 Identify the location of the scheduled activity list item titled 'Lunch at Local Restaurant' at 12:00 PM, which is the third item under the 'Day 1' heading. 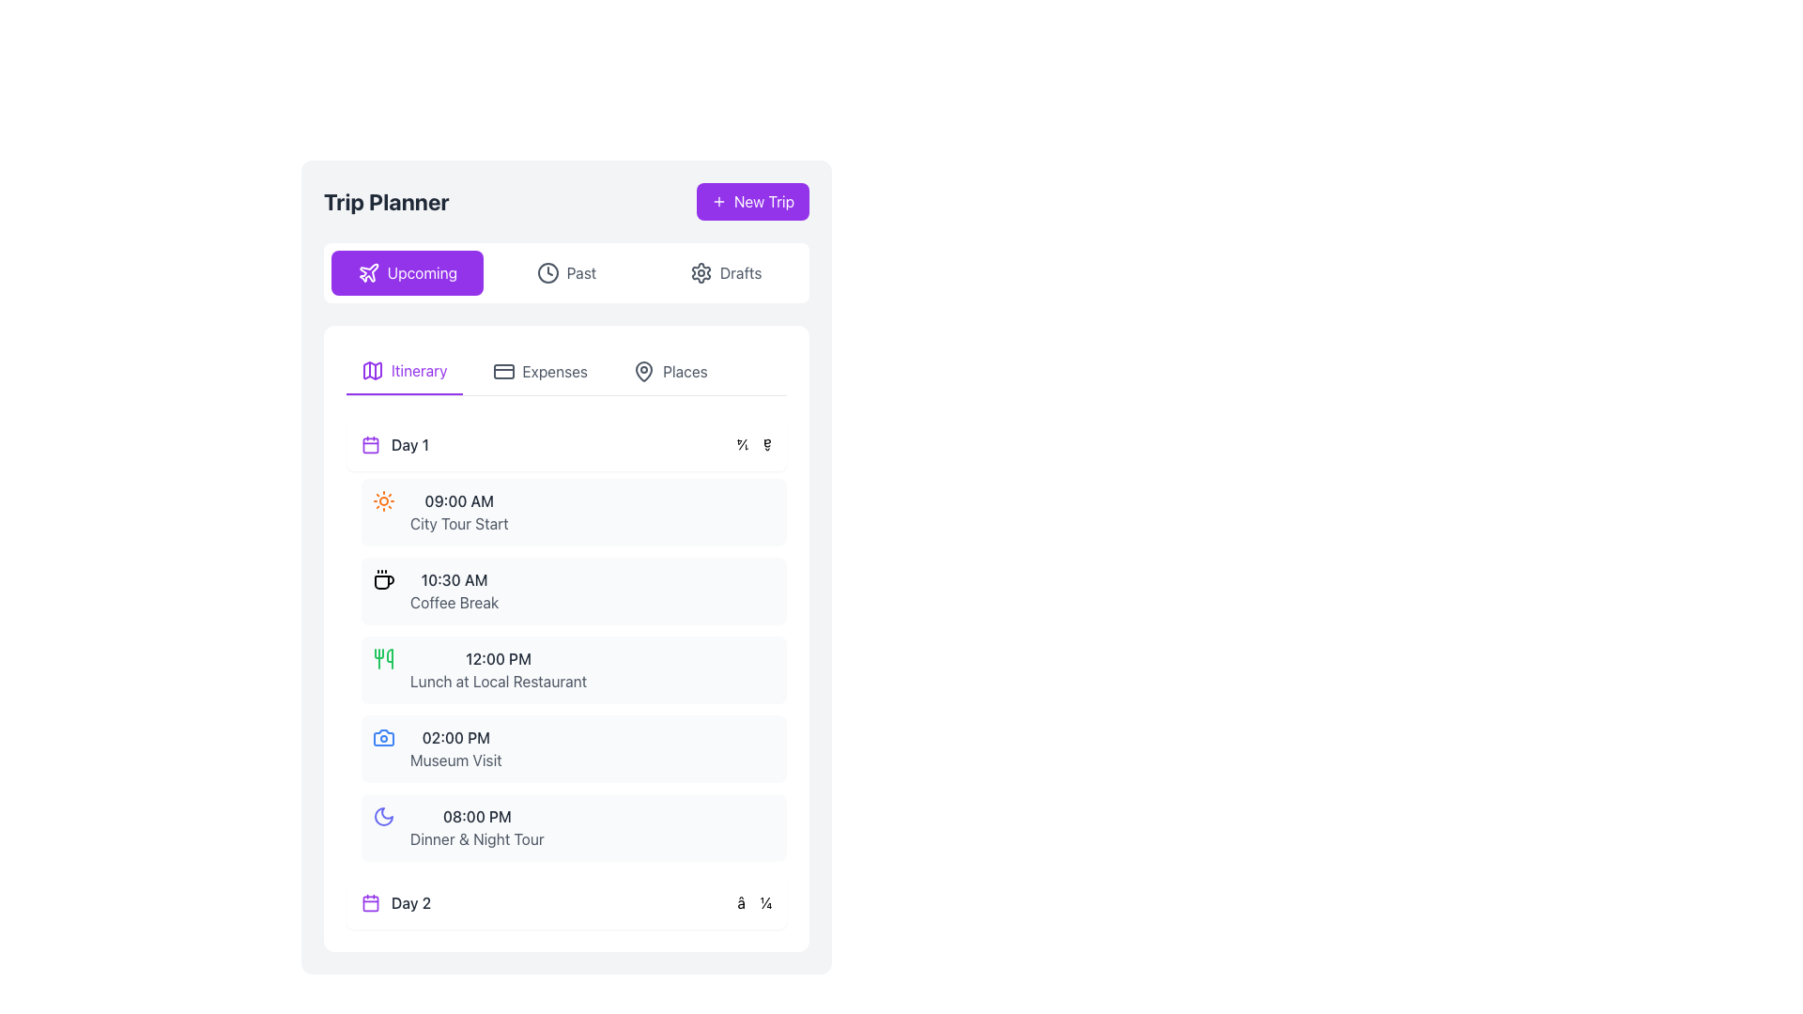
(573, 668).